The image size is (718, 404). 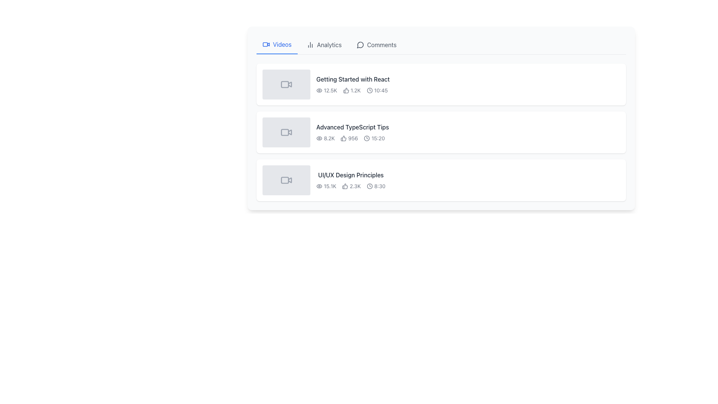 What do you see at coordinates (360, 45) in the screenshot?
I see `the circular chat bubble icon in the 'Comments' tab of the navigation bar, which features a rounded design and a clean stroke style` at bounding box center [360, 45].